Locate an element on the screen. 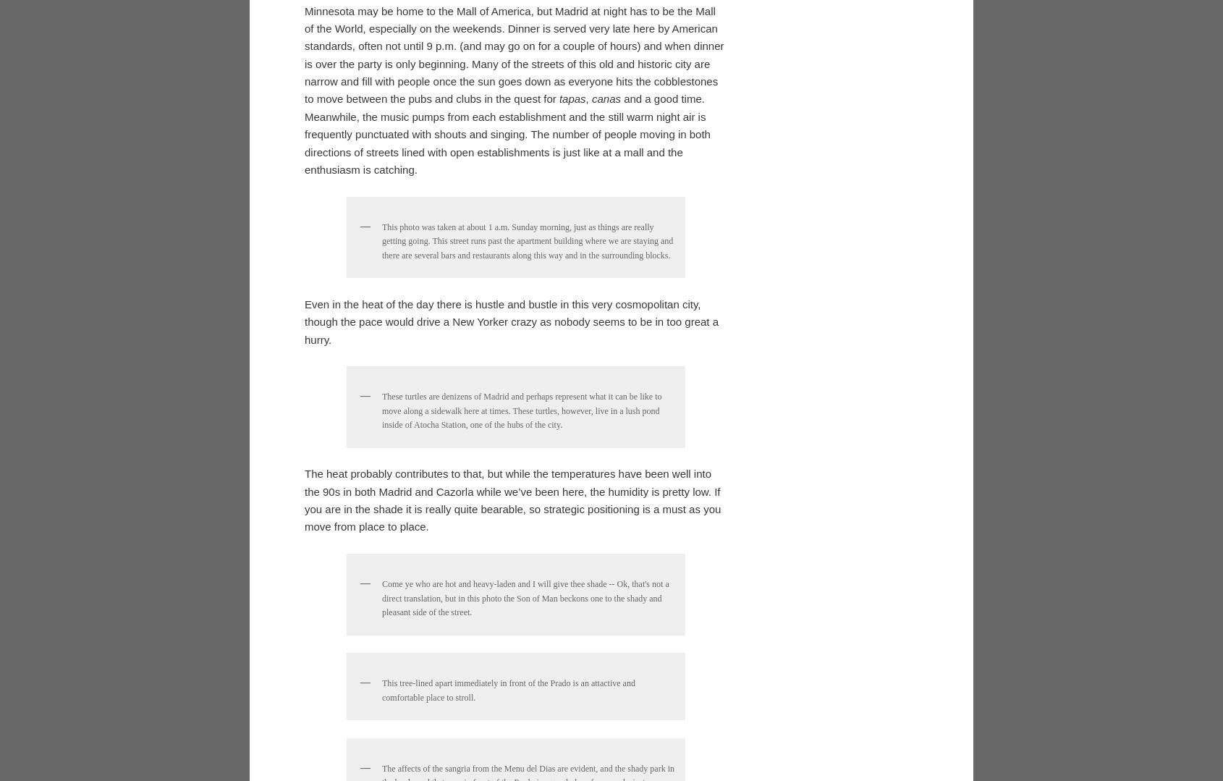 The width and height of the screenshot is (1223, 781). 'by' is located at coordinates (406, 402).